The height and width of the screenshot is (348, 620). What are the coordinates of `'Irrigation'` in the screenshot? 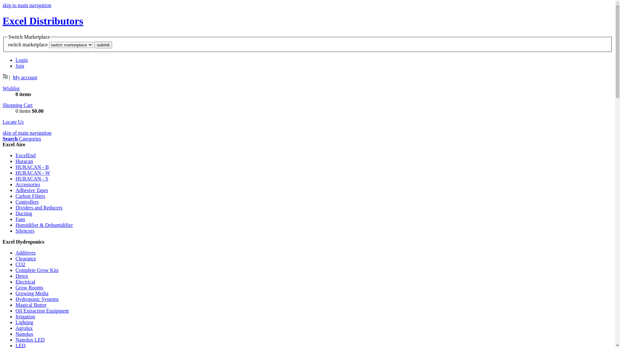 It's located at (25, 316).